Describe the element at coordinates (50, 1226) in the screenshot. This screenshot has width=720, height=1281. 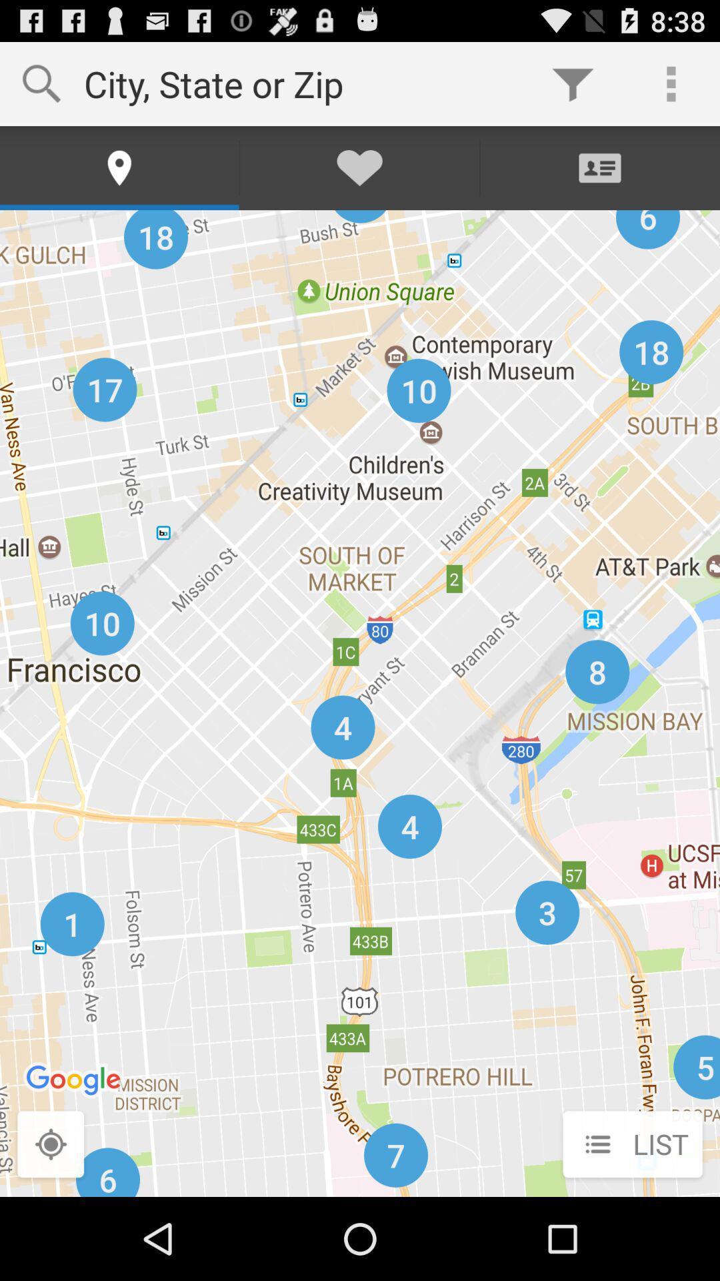
I see `the location_crosshair icon` at that location.